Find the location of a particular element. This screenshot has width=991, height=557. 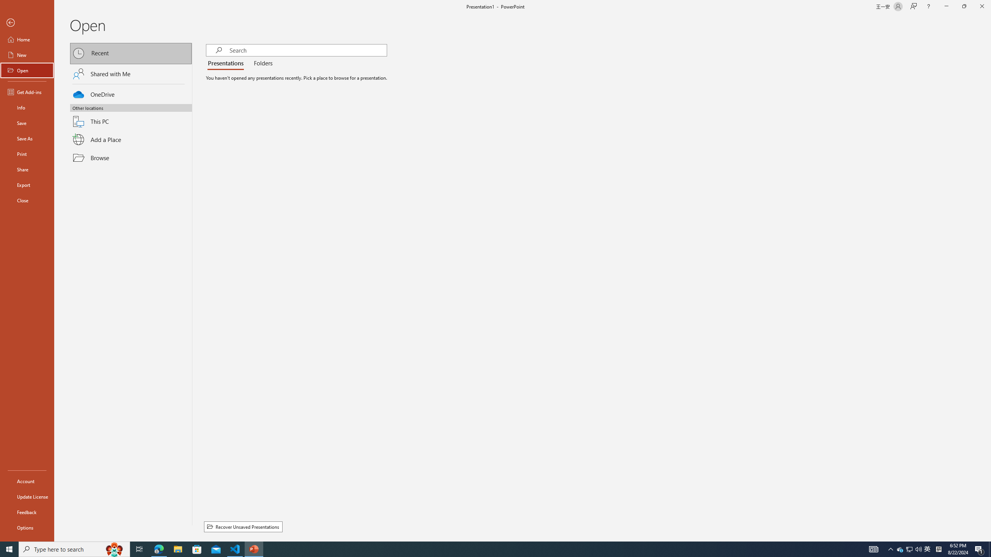

'Get Add-ins' is located at coordinates (27, 92).